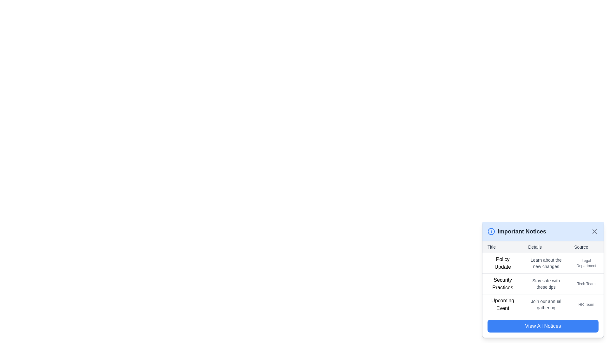 The image size is (609, 343). Describe the element at coordinates (543, 304) in the screenshot. I see `textual content from the last row of the list, which includes 'Upcoming Event', 'Join our annual gathering', and 'HR Team'` at that location.